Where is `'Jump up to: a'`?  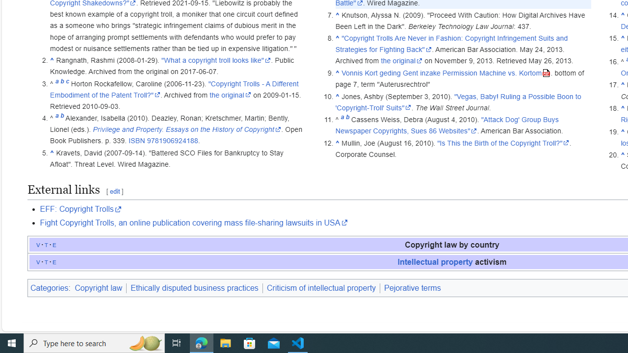 'Jump up to: a' is located at coordinates (342, 119).